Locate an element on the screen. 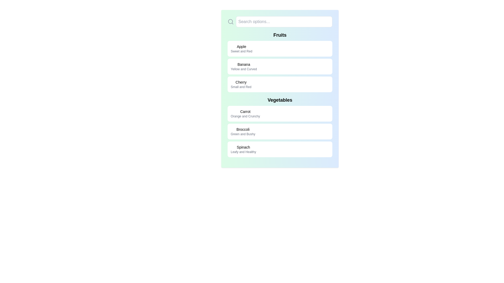  the static text label displaying 'Green and Bushy', which is positioned below 'Broccoli' in the 'Vegetables' section is located at coordinates (243, 134).